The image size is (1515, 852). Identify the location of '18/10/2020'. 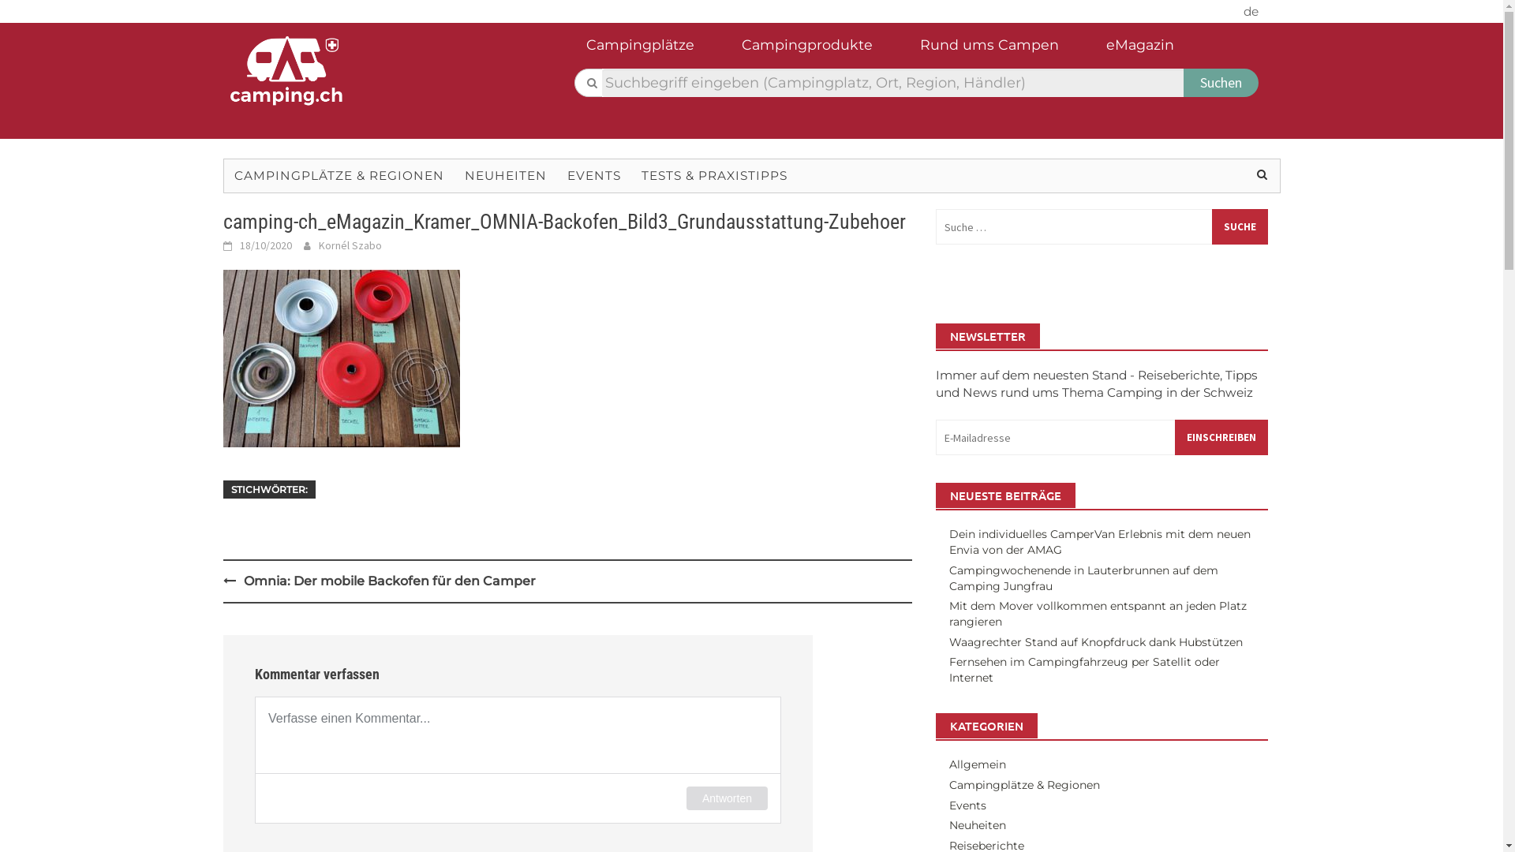
(265, 245).